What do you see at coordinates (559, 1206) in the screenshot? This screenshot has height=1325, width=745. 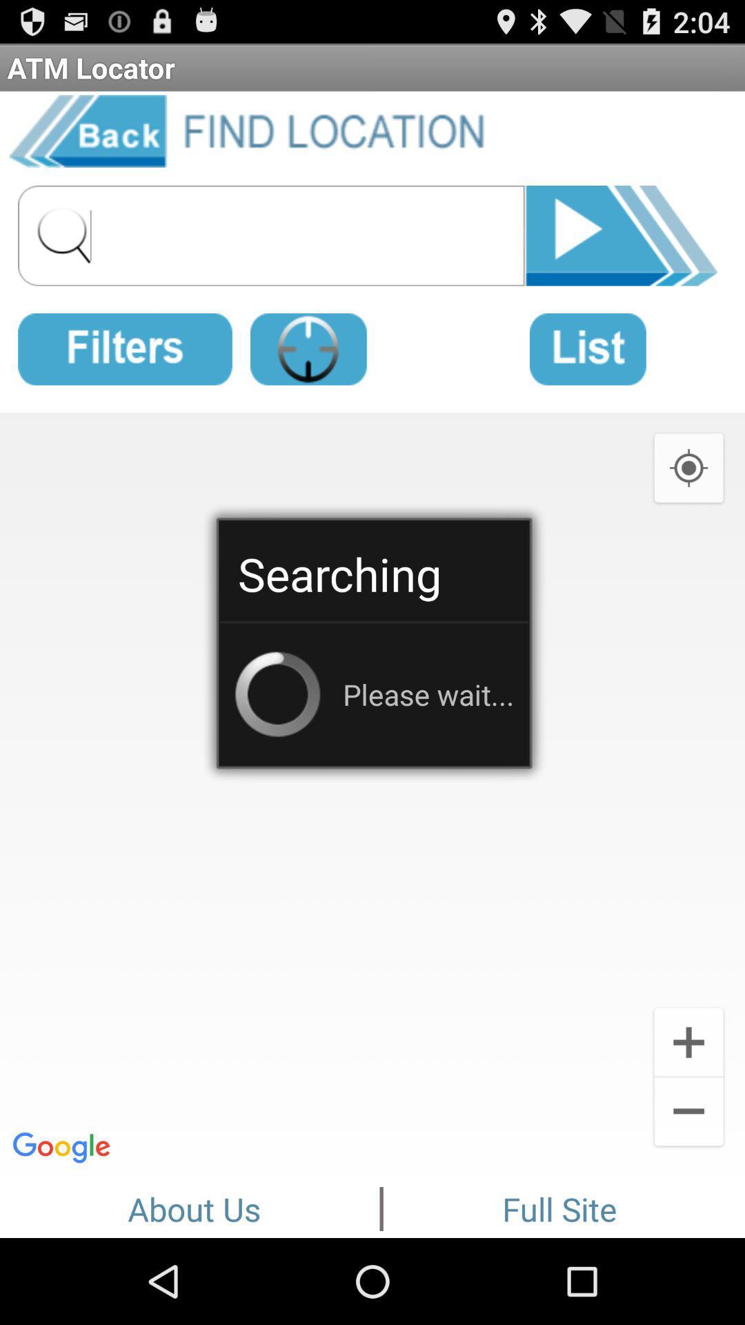 I see `full site app` at bounding box center [559, 1206].